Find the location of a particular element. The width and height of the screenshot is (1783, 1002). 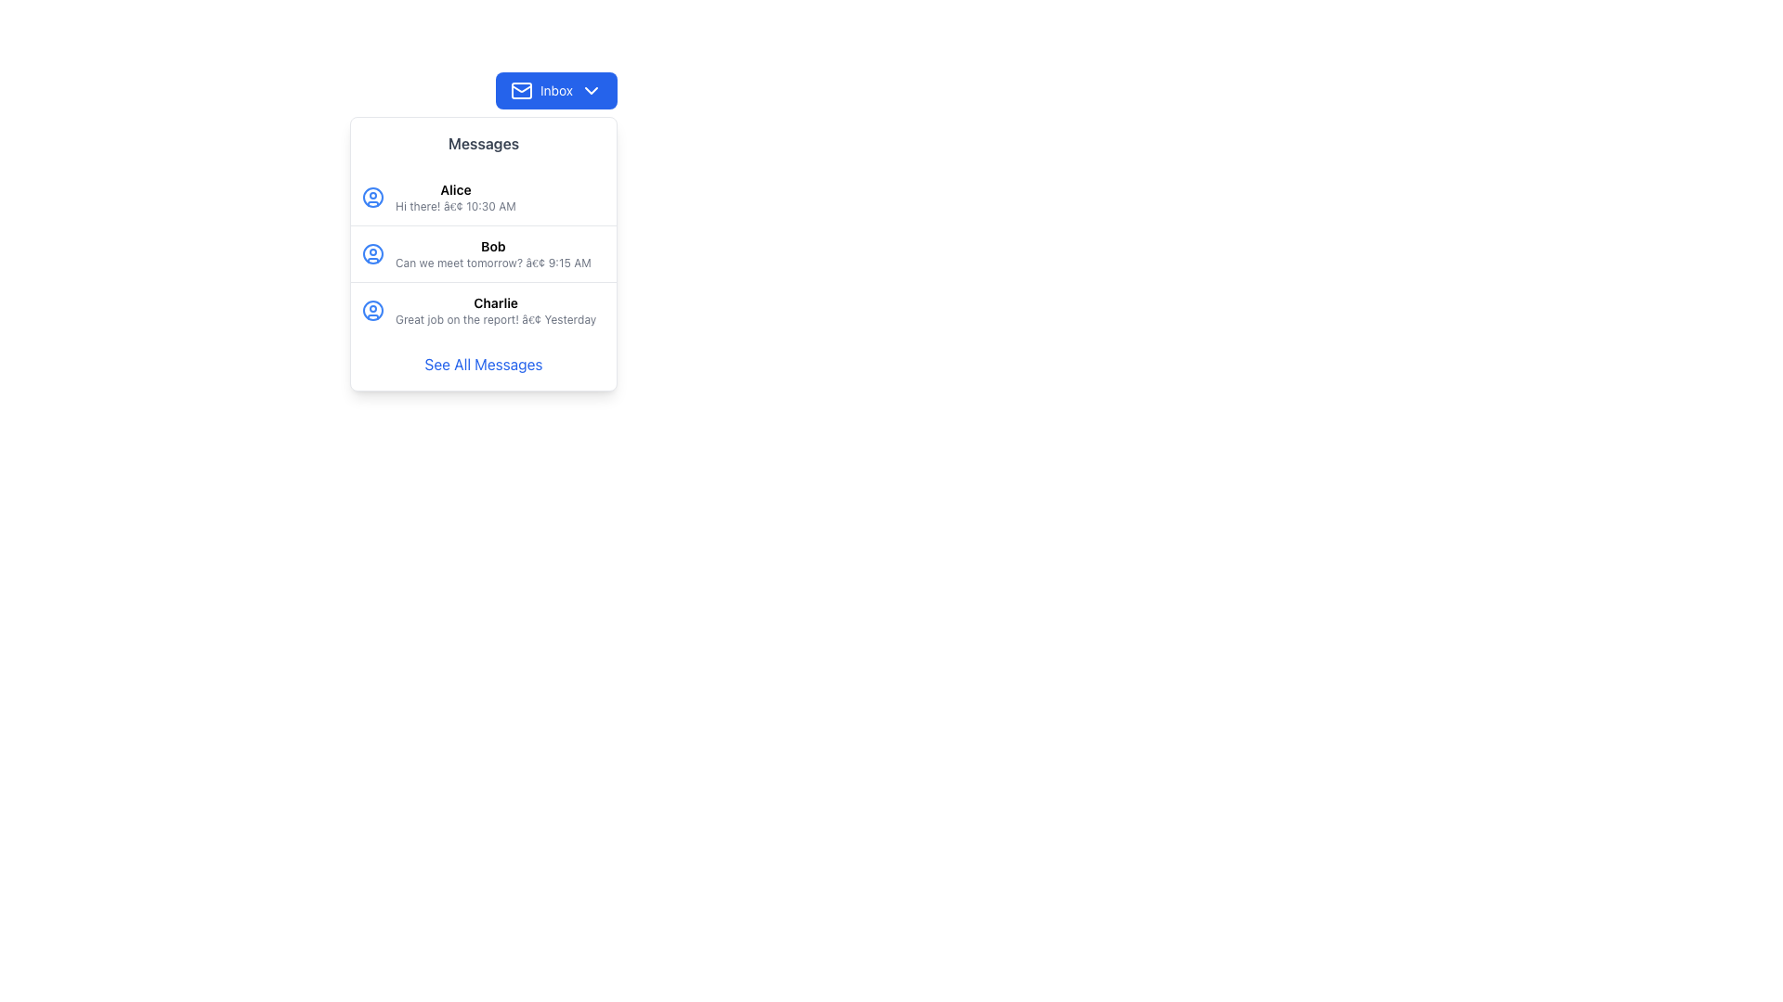

the first message summary entry in the 'Messages' card that shows 'Alice: Hi there! 10:30 AM' is located at coordinates (455, 197).